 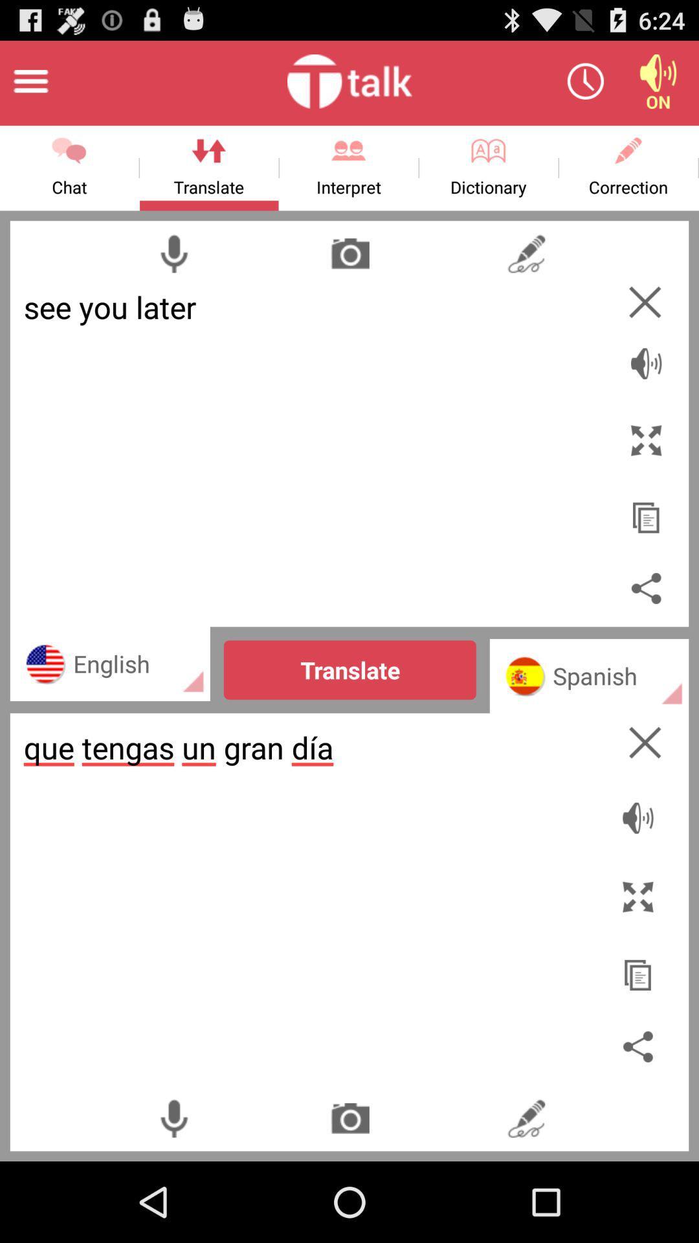 I want to click on menu, so click(x=30, y=80).